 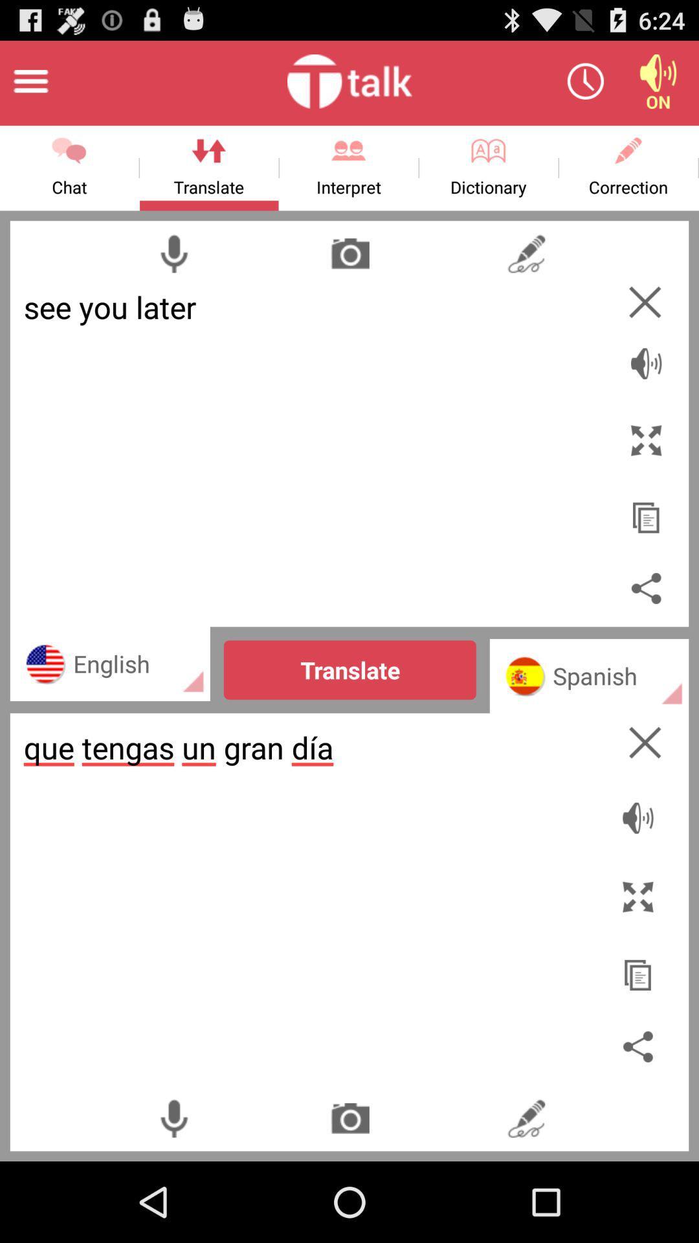 I want to click on menu, so click(x=30, y=80).